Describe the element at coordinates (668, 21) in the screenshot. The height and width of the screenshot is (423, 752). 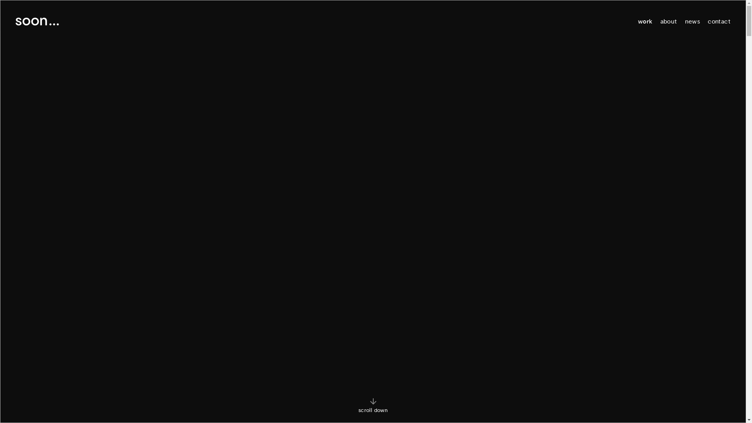
I see `'about'` at that location.